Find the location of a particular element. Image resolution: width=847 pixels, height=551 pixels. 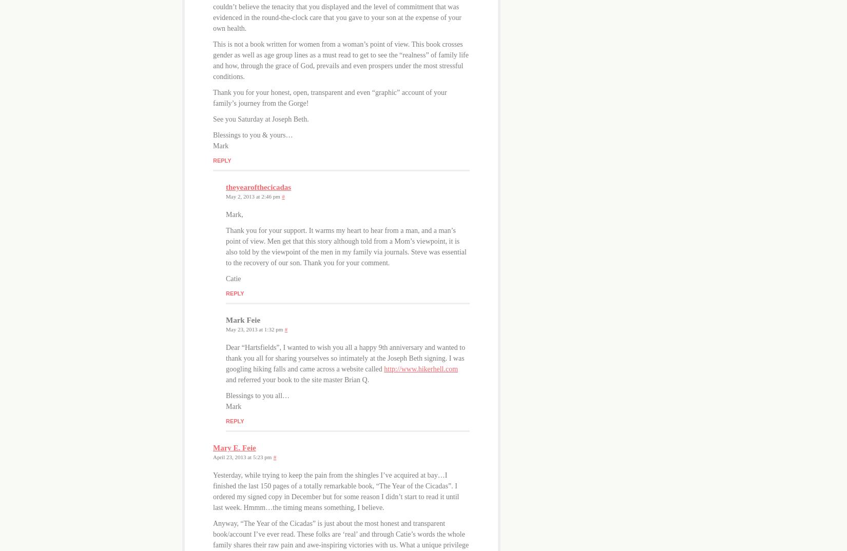

'and referred your book to the site master Brian Q.' is located at coordinates (297, 379).